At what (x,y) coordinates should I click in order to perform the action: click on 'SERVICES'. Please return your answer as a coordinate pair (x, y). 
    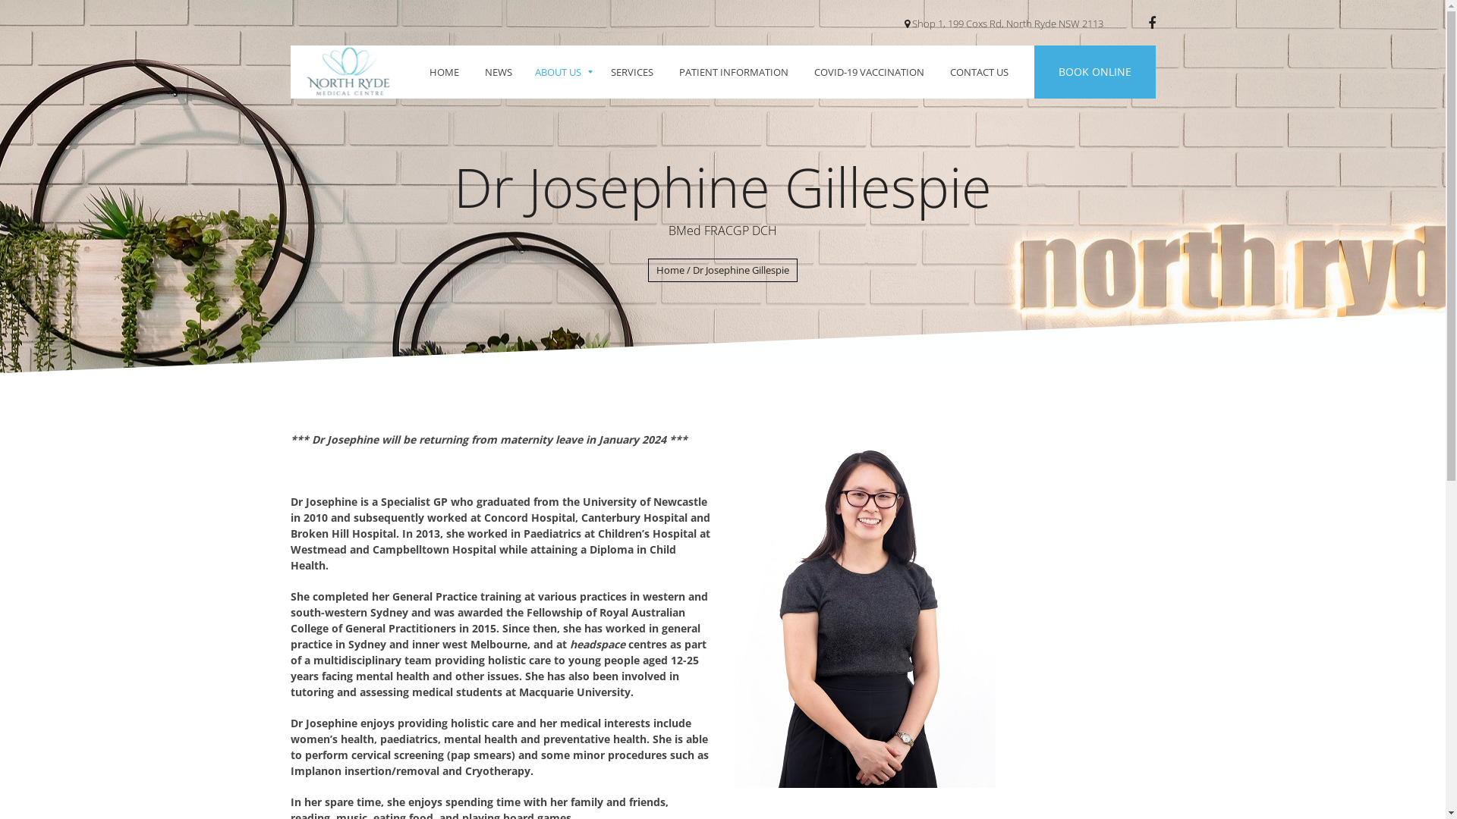
    Looking at the image, I should click on (632, 72).